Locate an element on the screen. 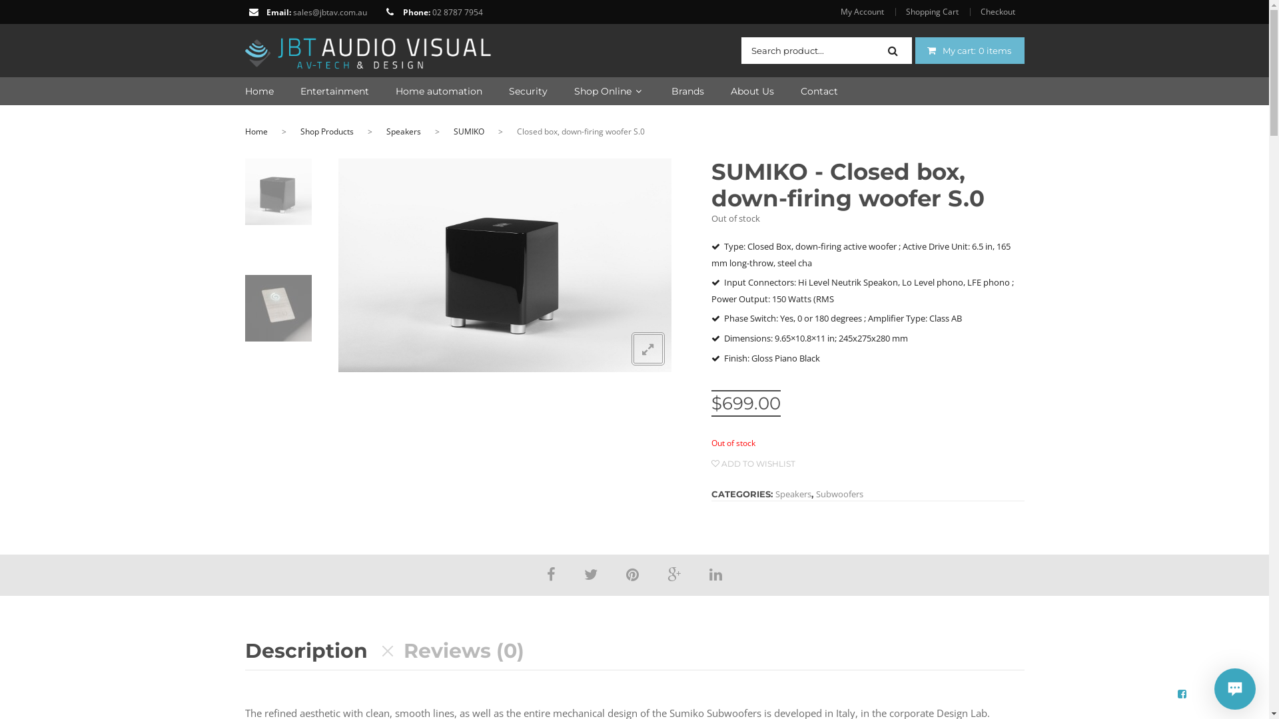 The width and height of the screenshot is (1279, 719). 'SUMIKO' is located at coordinates (468, 131).